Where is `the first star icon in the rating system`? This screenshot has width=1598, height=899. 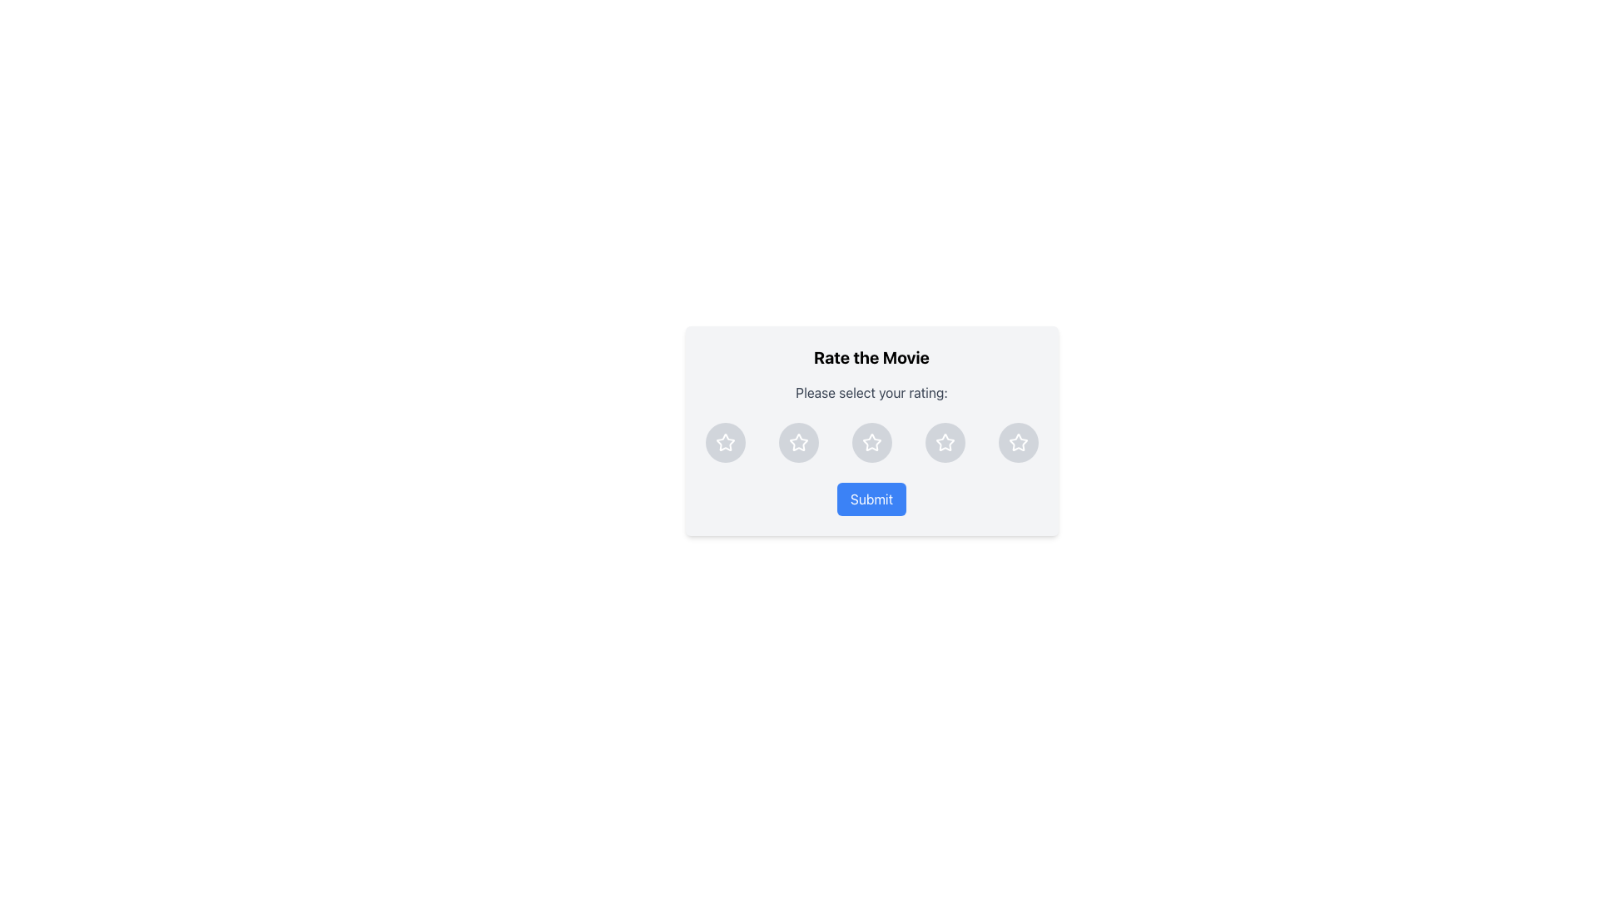
the first star icon in the rating system is located at coordinates (725, 441).